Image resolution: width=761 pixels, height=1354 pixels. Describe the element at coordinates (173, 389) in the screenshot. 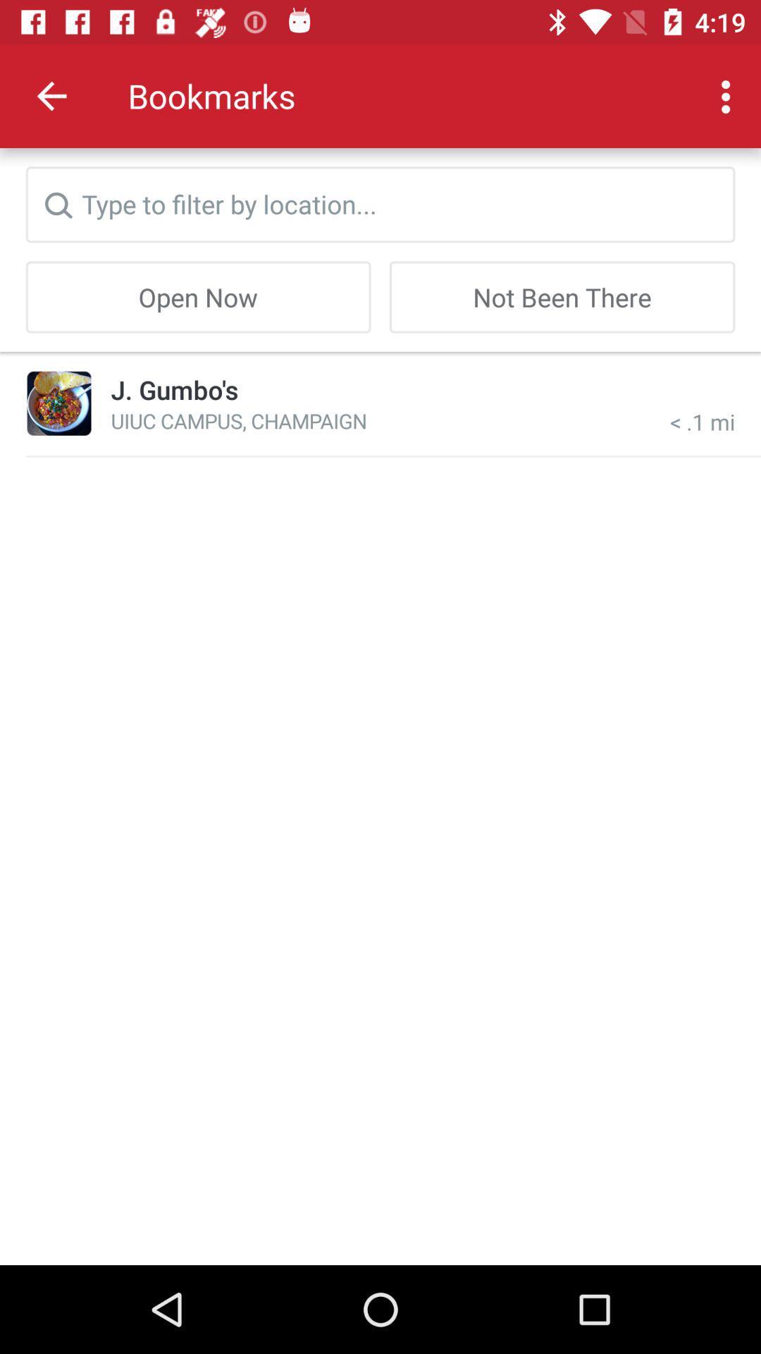

I see `item below the open now icon` at that location.